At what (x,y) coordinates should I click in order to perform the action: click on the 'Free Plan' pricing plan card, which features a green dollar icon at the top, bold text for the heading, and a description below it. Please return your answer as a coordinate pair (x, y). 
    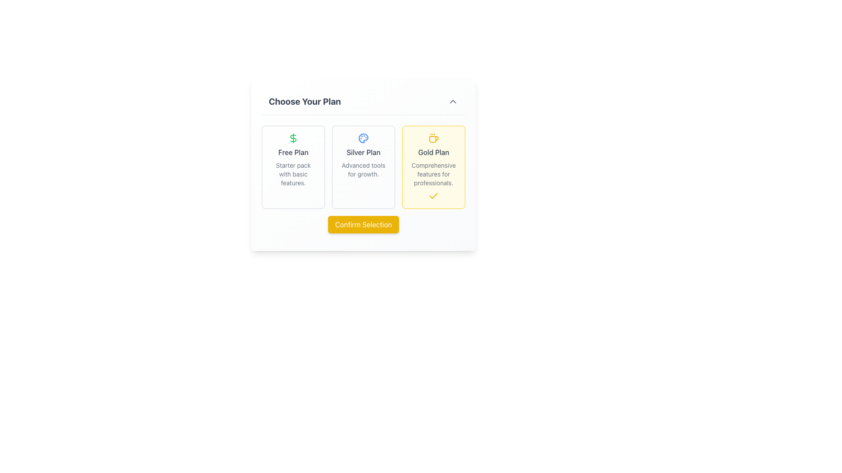
    Looking at the image, I should click on (293, 167).